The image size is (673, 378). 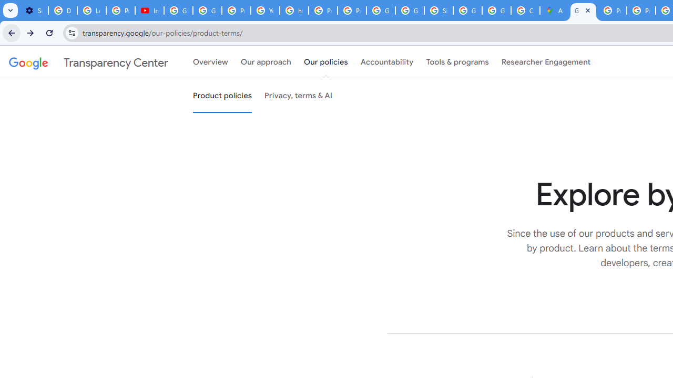 I want to click on 'Accountability', so click(x=386, y=62).